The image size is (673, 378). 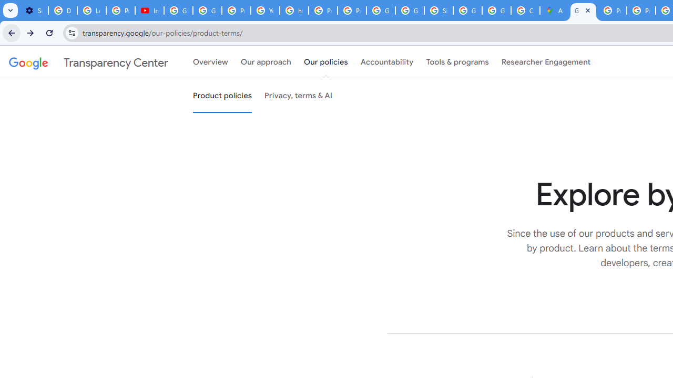 I want to click on 'Accountability', so click(x=386, y=62).